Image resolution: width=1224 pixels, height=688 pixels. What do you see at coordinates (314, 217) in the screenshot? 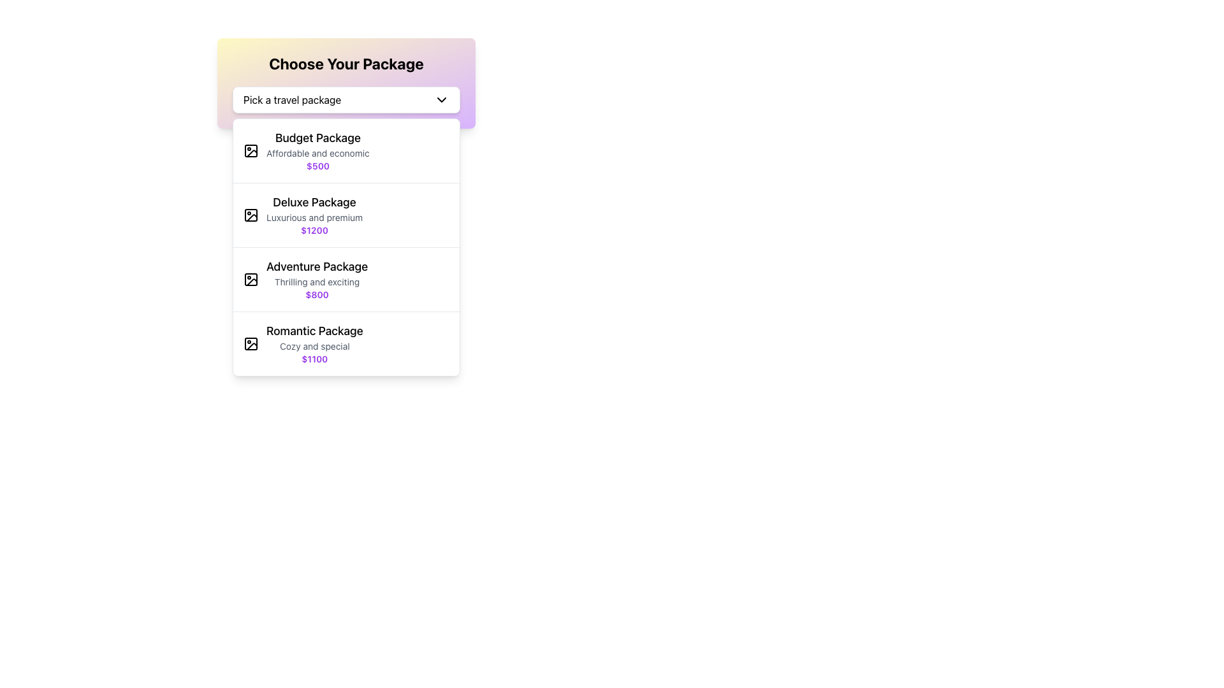
I see `the descriptive text about the 'Deluxe Package' located between the title and the price within the 'Deluxe Package' card` at bounding box center [314, 217].